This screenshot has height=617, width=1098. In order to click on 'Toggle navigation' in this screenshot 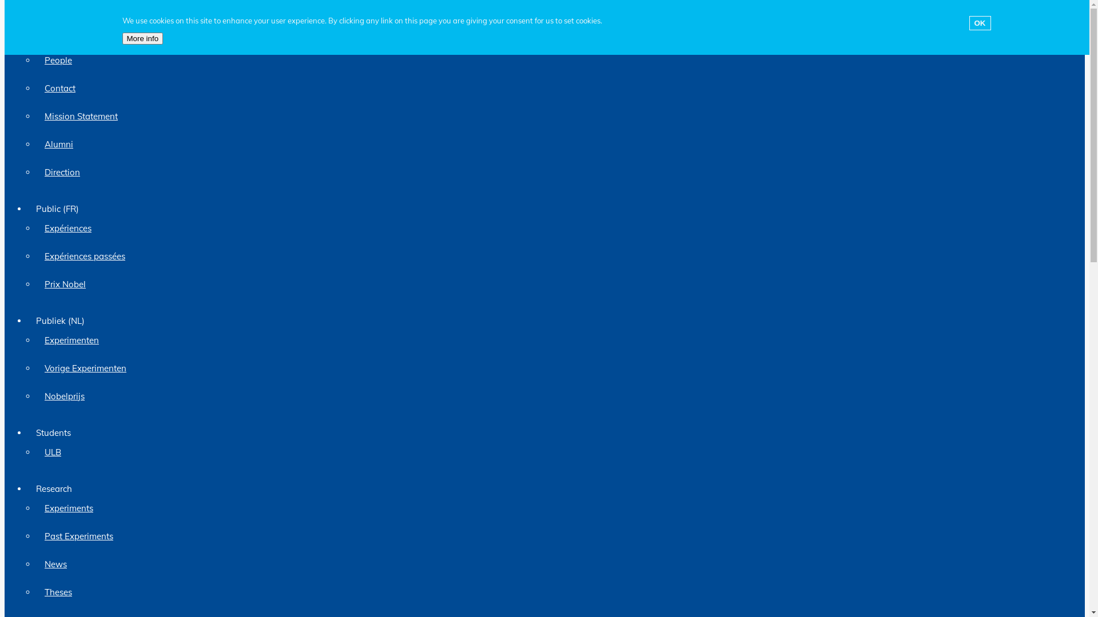, I will do `click(38, 12)`.